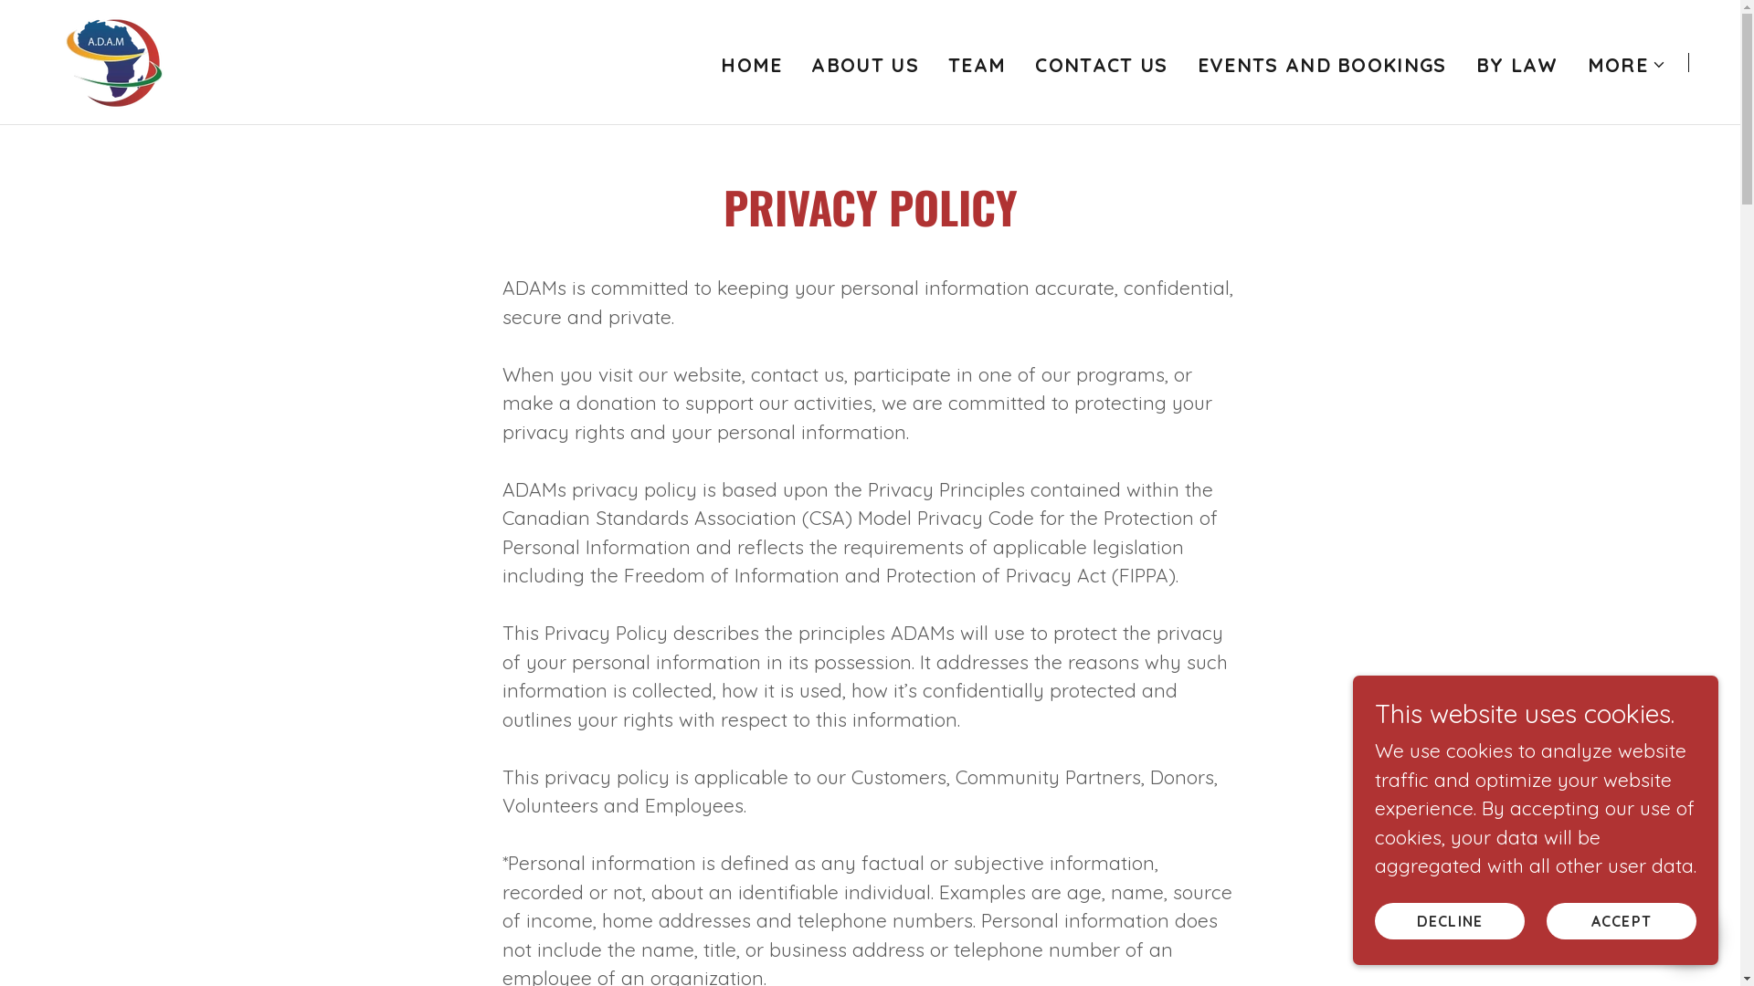 The height and width of the screenshot is (986, 1754). What do you see at coordinates (943, 62) in the screenshot?
I see `'TEAM'` at bounding box center [943, 62].